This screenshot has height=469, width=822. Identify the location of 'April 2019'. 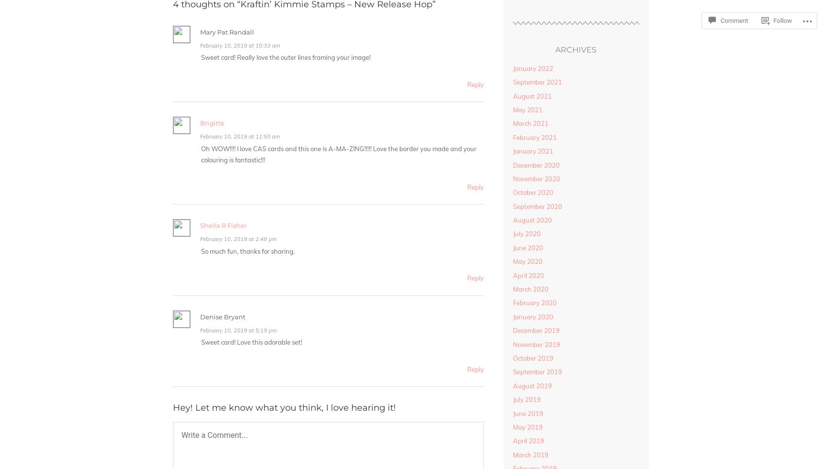
(528, 440).